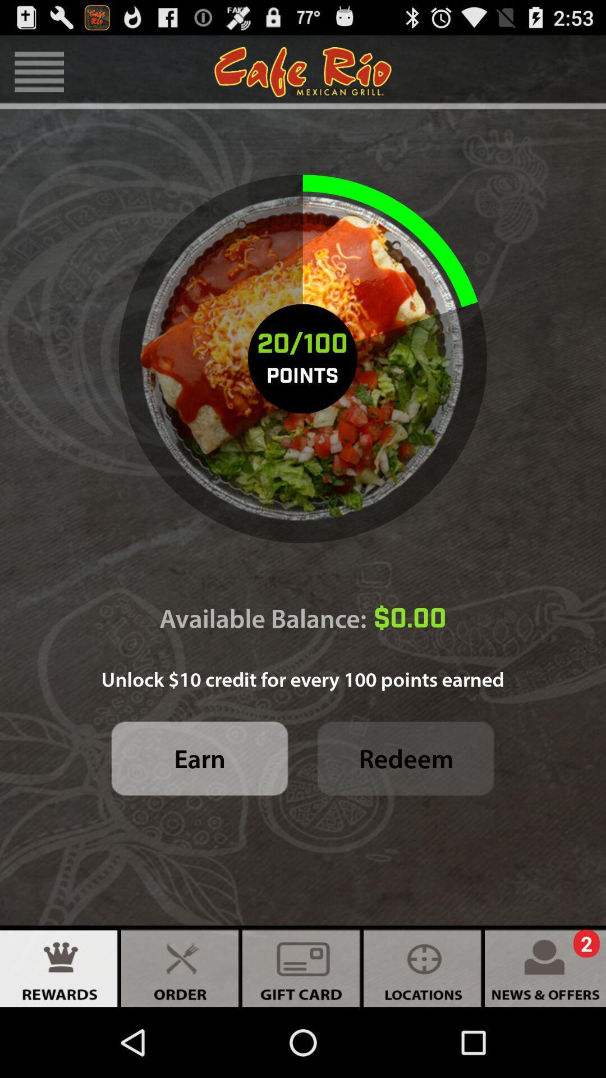 The image size is (606, 1078). Describe the element at coordinates (406, 759) in the screenshot. I see `the redeem icon` at that location.